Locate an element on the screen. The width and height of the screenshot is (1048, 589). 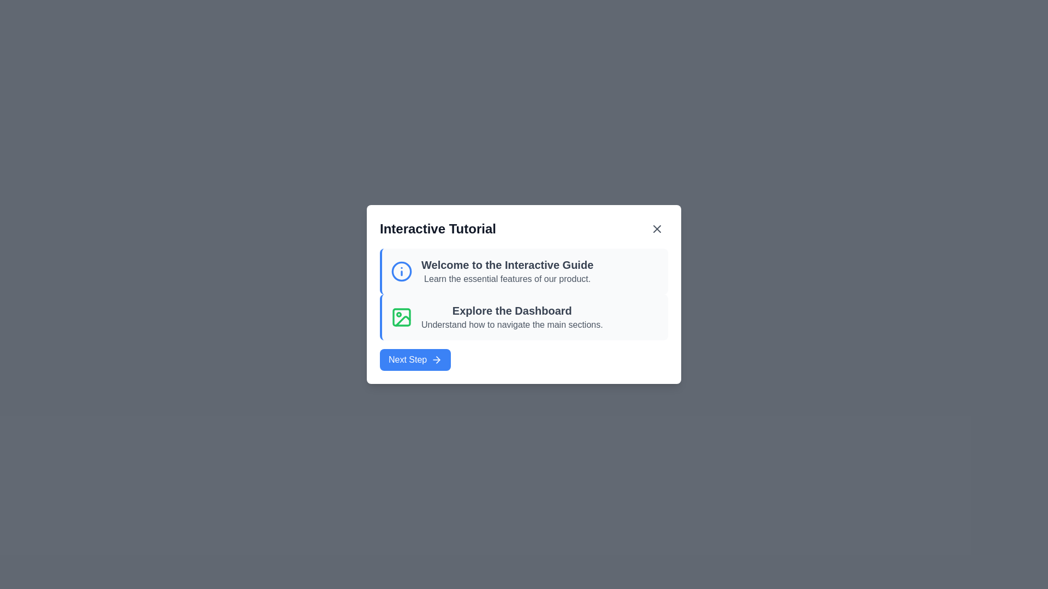
the informational message icon located near the top-left corner of the dialog box, adjacent to the text 'Welcome to the Interactive Guide' is located at coordinates (401, 271).